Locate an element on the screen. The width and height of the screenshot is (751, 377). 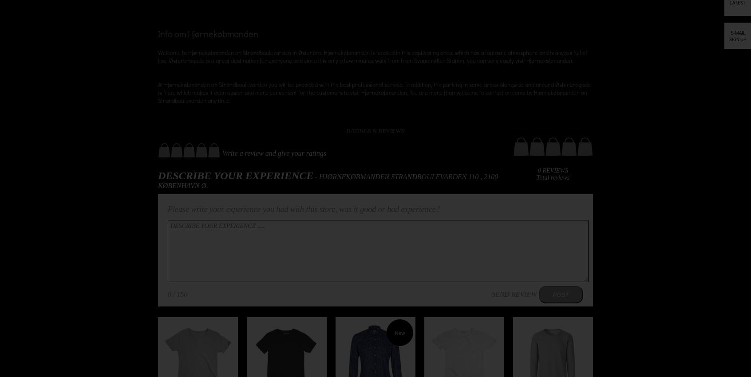
'SIGN UP' is located at coordinates (738, 39).